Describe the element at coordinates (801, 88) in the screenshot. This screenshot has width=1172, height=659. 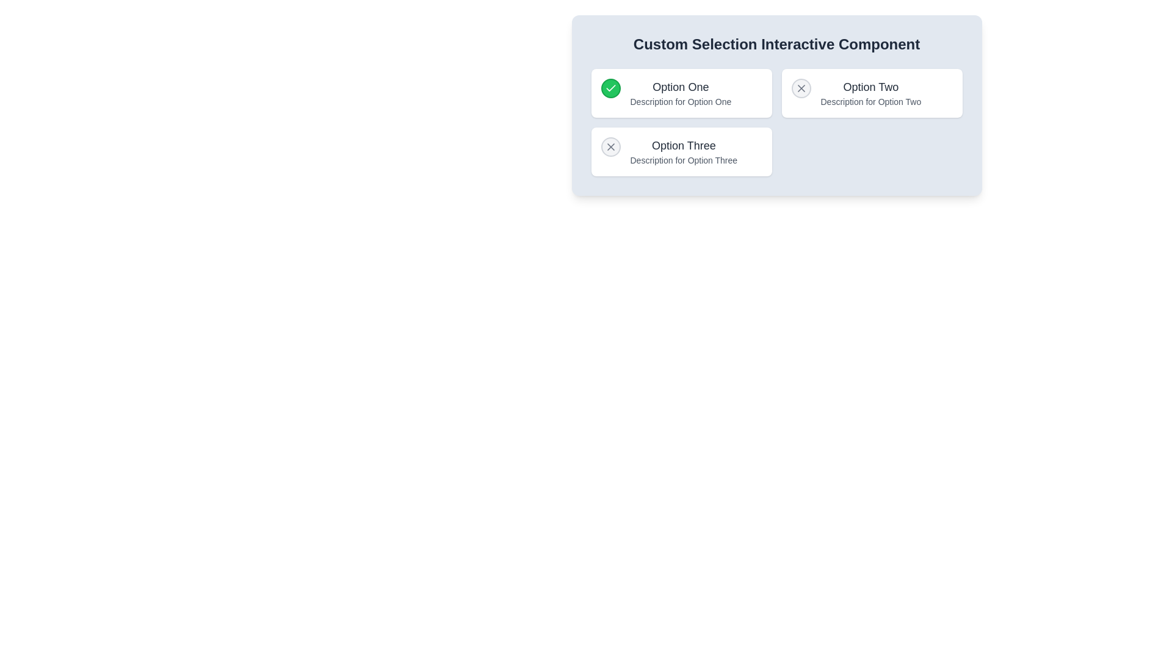
I see `the small X-shaped icon located in the top-right corner of the interface, specifically within the 'Option Two' section of the selection component` at that location.